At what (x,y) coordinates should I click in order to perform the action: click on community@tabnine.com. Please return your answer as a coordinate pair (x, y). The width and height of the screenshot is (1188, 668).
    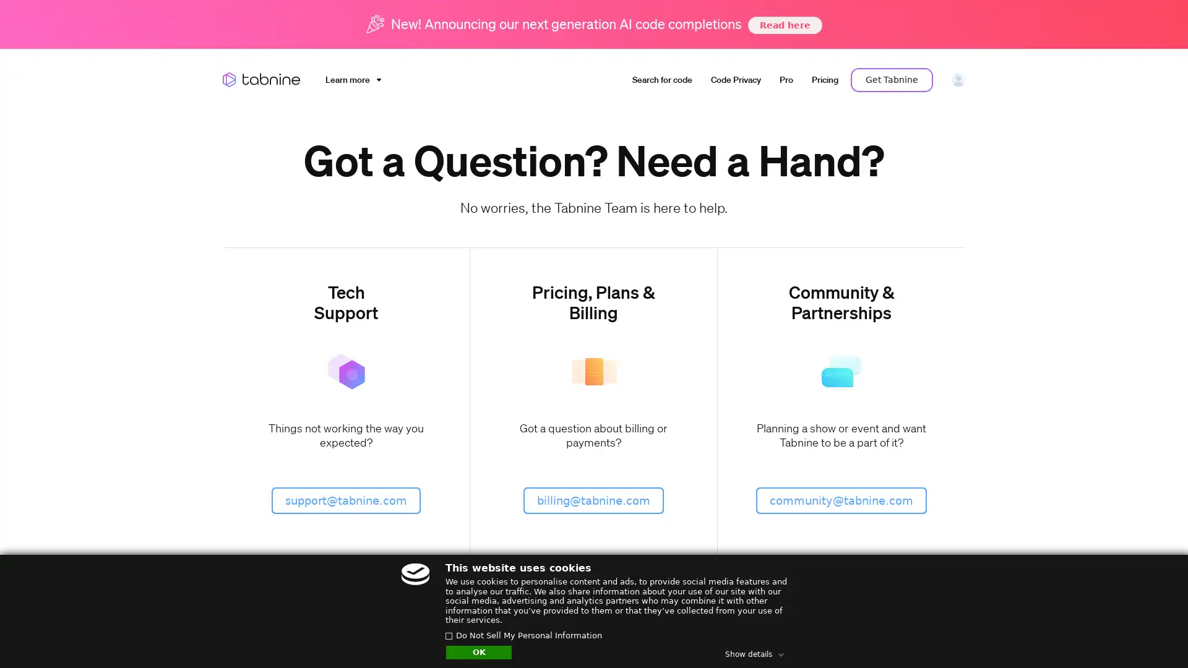
    Looking at the image, I should click on (841, 499).